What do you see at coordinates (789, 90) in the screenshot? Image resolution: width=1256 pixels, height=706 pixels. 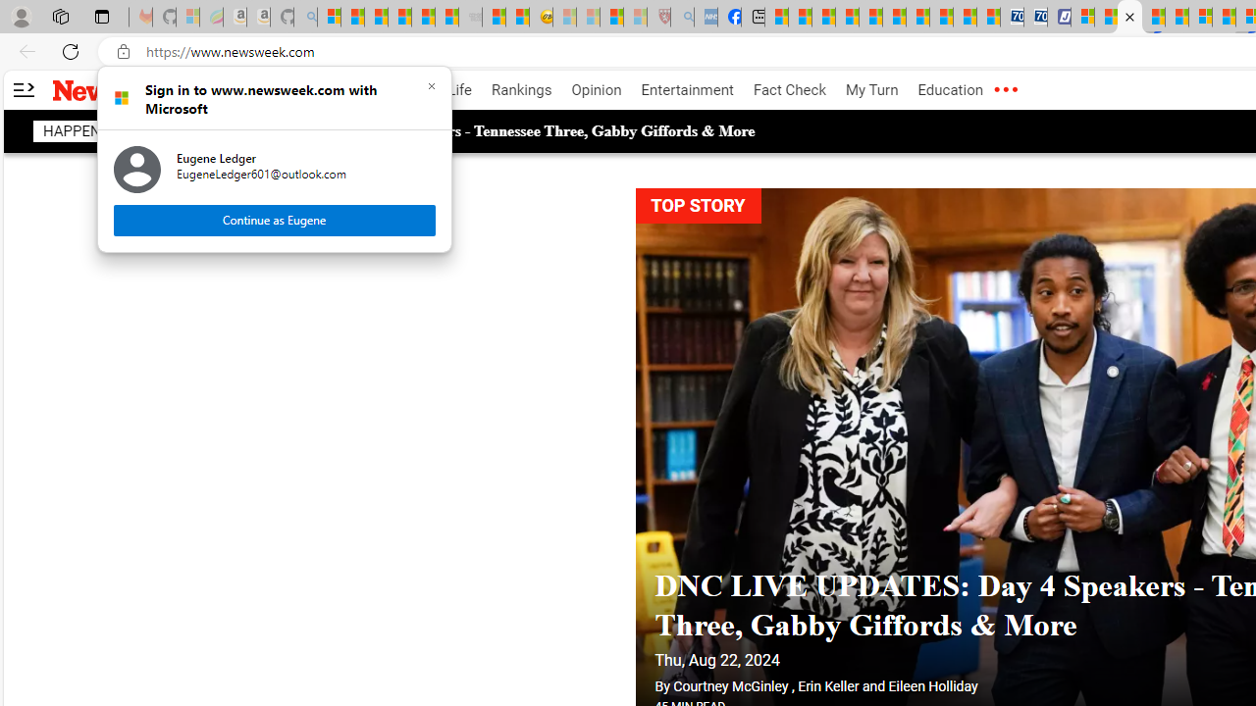 I see `'Fact Check'` at bounding box center [789, 90].